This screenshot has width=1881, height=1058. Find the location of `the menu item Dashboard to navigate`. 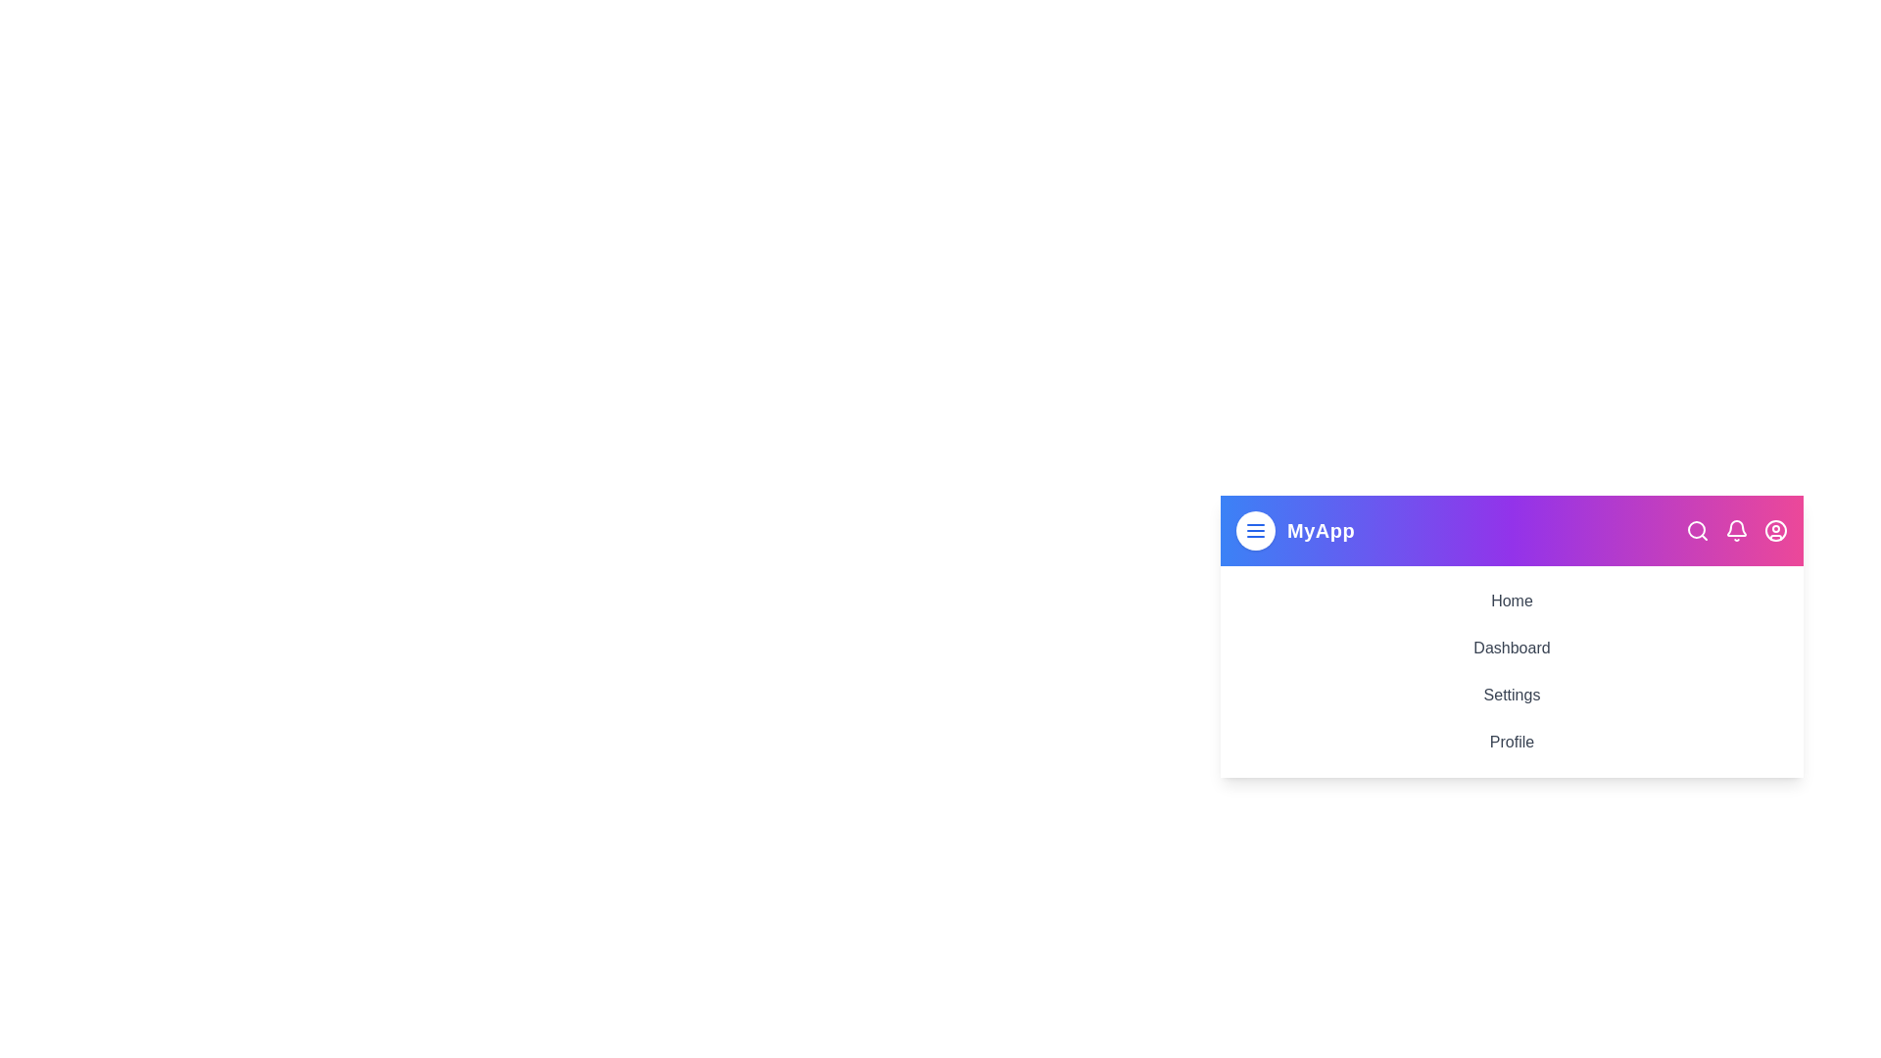

the menu item Dashboard to navigate is located at coordinates (1511, 649).